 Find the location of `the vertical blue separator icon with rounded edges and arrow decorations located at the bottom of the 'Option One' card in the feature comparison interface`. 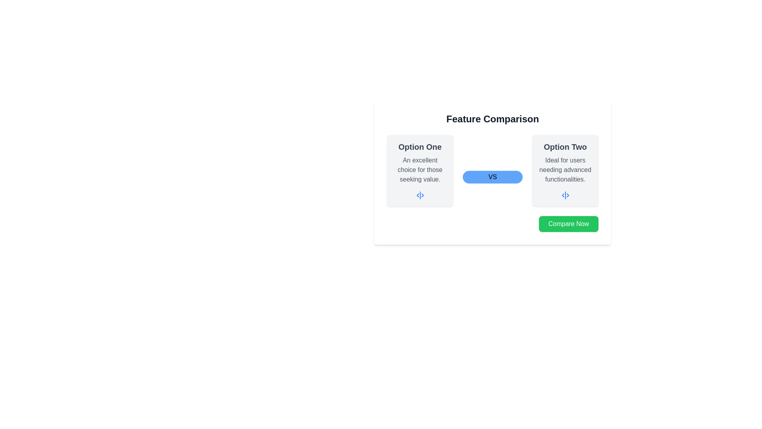

the vertical blue separator icon with rounded edges and arrow decorations located at the bottom of the 'Option One' card in the feature comparison interface is located at coordinates (419, 195).